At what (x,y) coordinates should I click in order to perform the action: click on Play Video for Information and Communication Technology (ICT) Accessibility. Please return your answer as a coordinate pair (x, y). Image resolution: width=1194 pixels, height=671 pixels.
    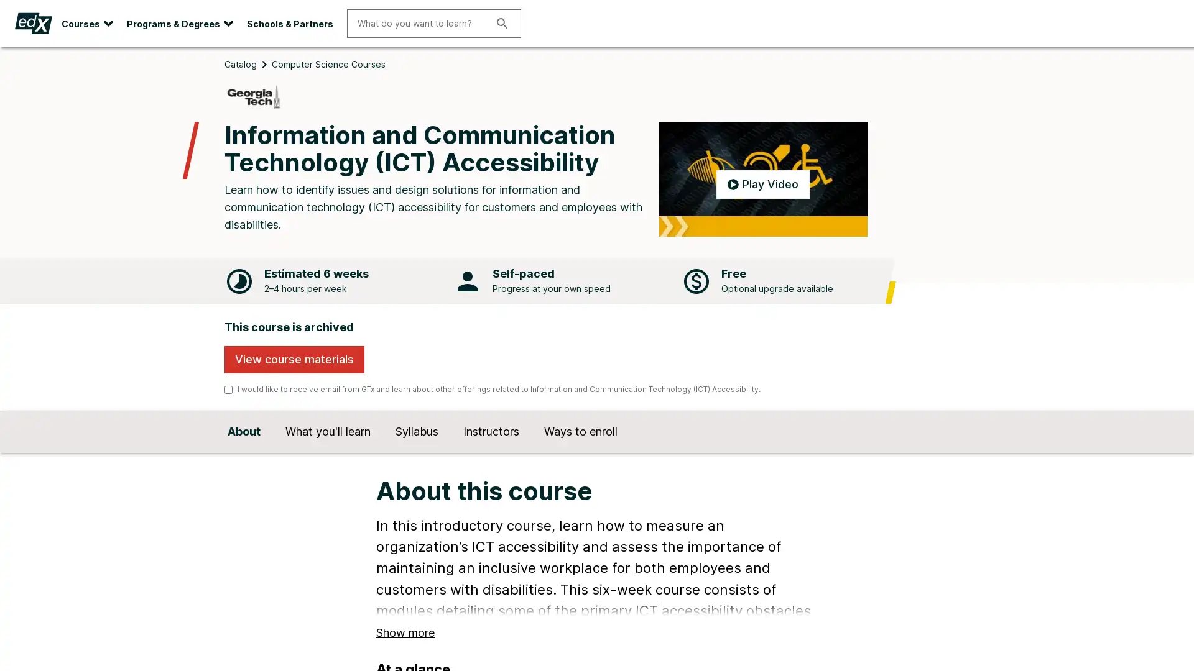
    Looking at the image, I should click on (762, 199).